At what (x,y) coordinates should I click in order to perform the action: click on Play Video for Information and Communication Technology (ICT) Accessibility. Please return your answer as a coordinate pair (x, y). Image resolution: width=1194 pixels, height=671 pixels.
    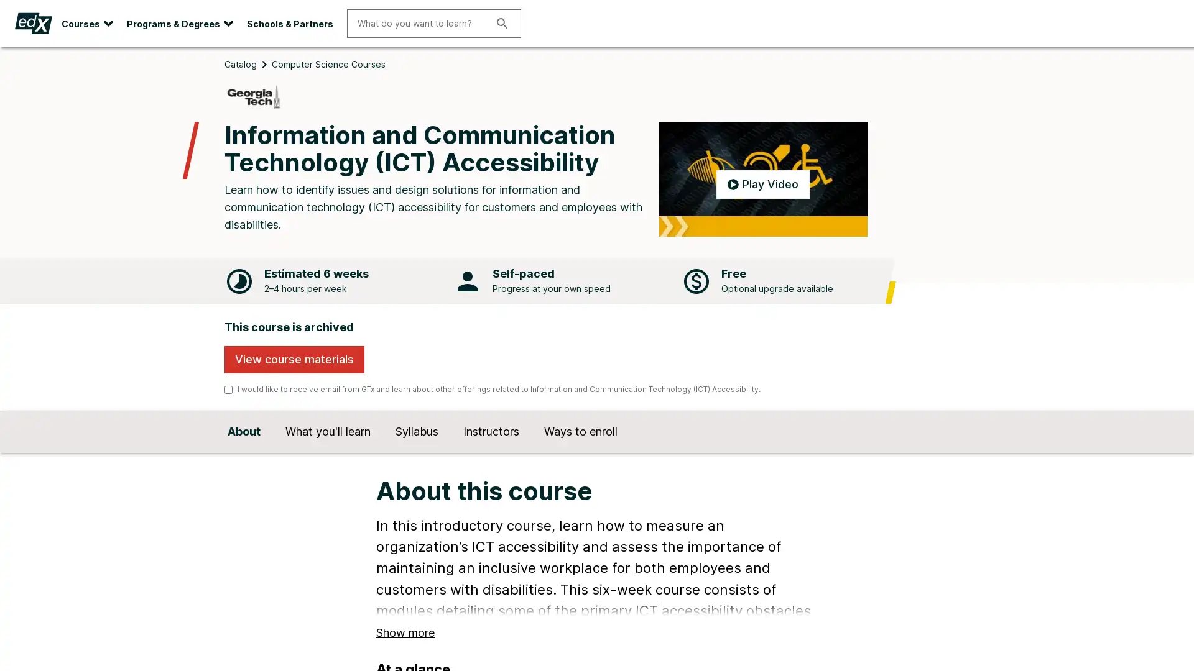
    Looking at the image, I should click on (762, 199).